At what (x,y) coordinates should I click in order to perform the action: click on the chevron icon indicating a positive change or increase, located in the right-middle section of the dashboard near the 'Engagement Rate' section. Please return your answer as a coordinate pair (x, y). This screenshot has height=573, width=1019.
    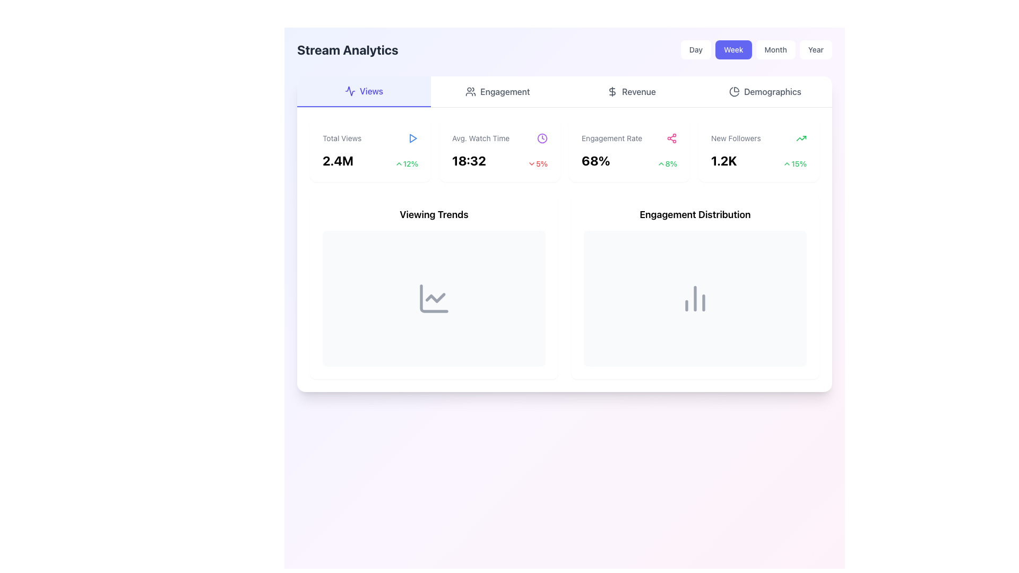
    Looking at the image, I should click on (660, 163).